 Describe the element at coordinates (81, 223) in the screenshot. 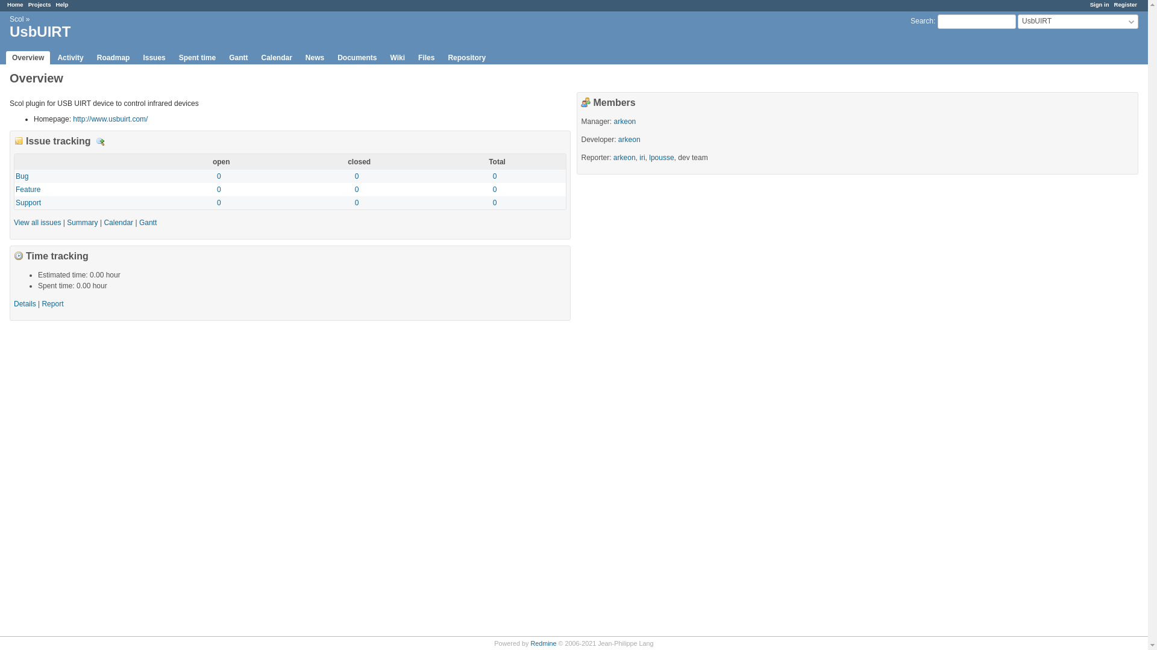

I see `'Summary'` at that location.